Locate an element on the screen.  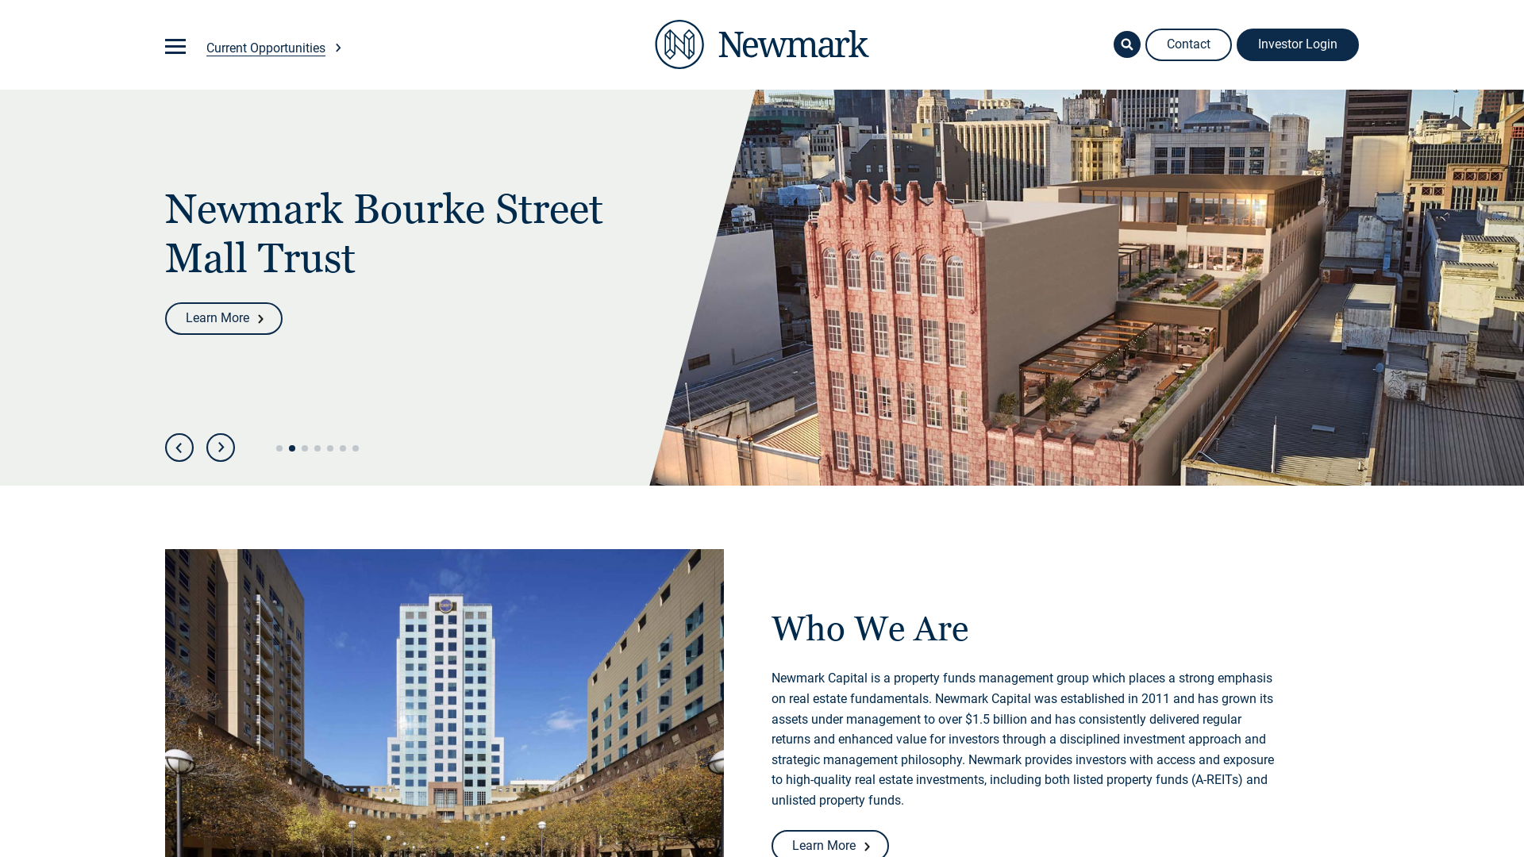
'3' is located at coordinates (306, 446).